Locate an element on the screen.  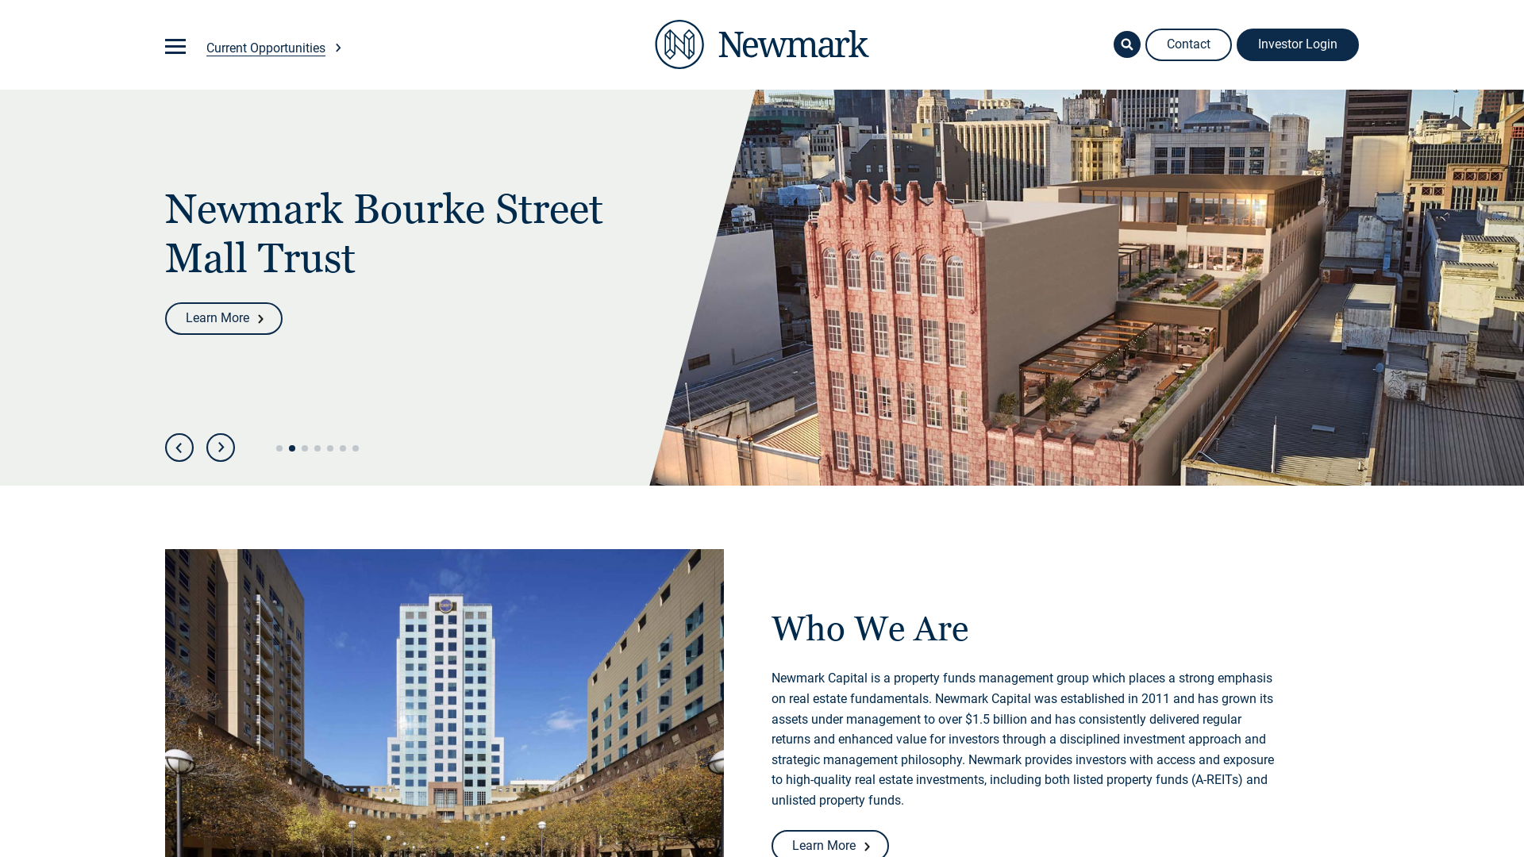
'3' is located at coordinates (306, 446).